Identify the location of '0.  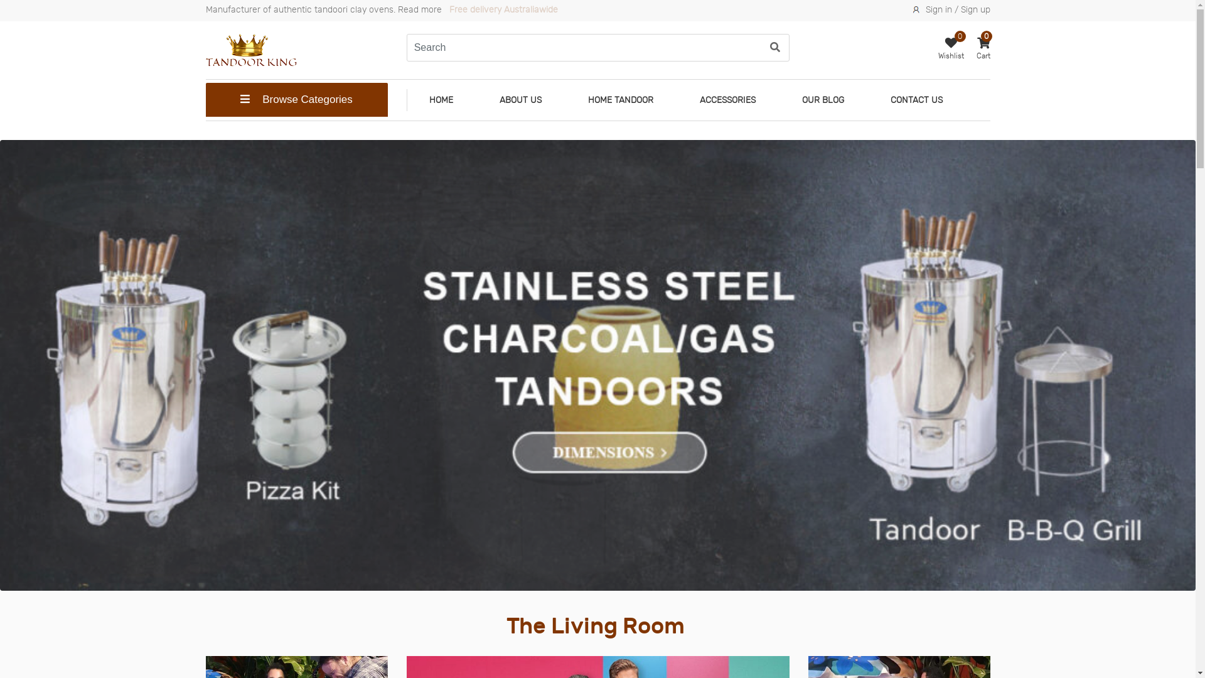
(950, 50).